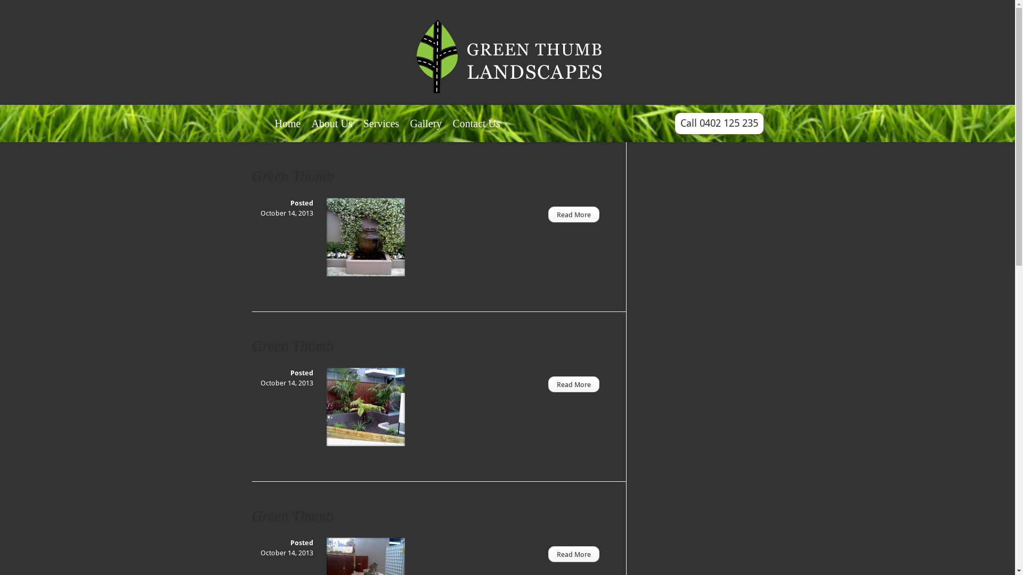 Image resolution: width=1023 pixels, height=575 pixels. I want to click on 'Home', so click(288, 129).